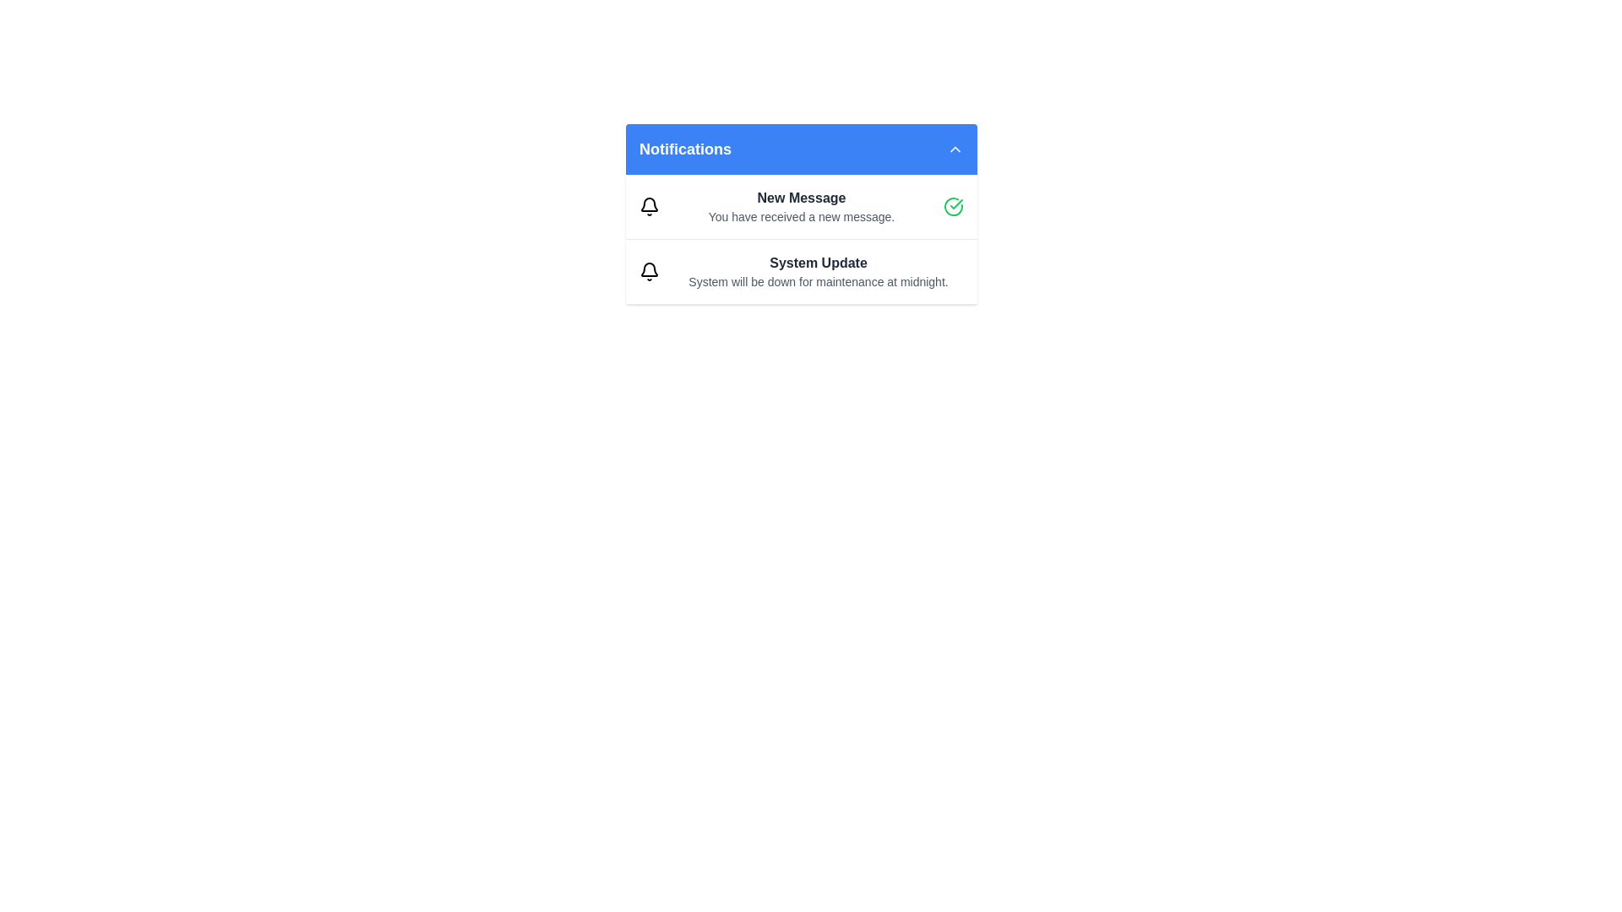 The width and height of the screenshot is (1622, 912). I want to click on notification messages from the Notifications panel, which has a white background and a blue header displaying 'Notifications', so click(801, 214).